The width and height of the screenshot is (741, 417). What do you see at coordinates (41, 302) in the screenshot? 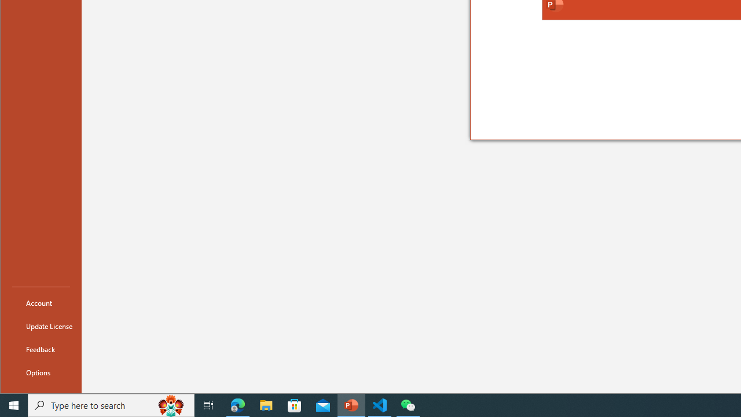
I see `'Account'` at bounding box center [41, 302].